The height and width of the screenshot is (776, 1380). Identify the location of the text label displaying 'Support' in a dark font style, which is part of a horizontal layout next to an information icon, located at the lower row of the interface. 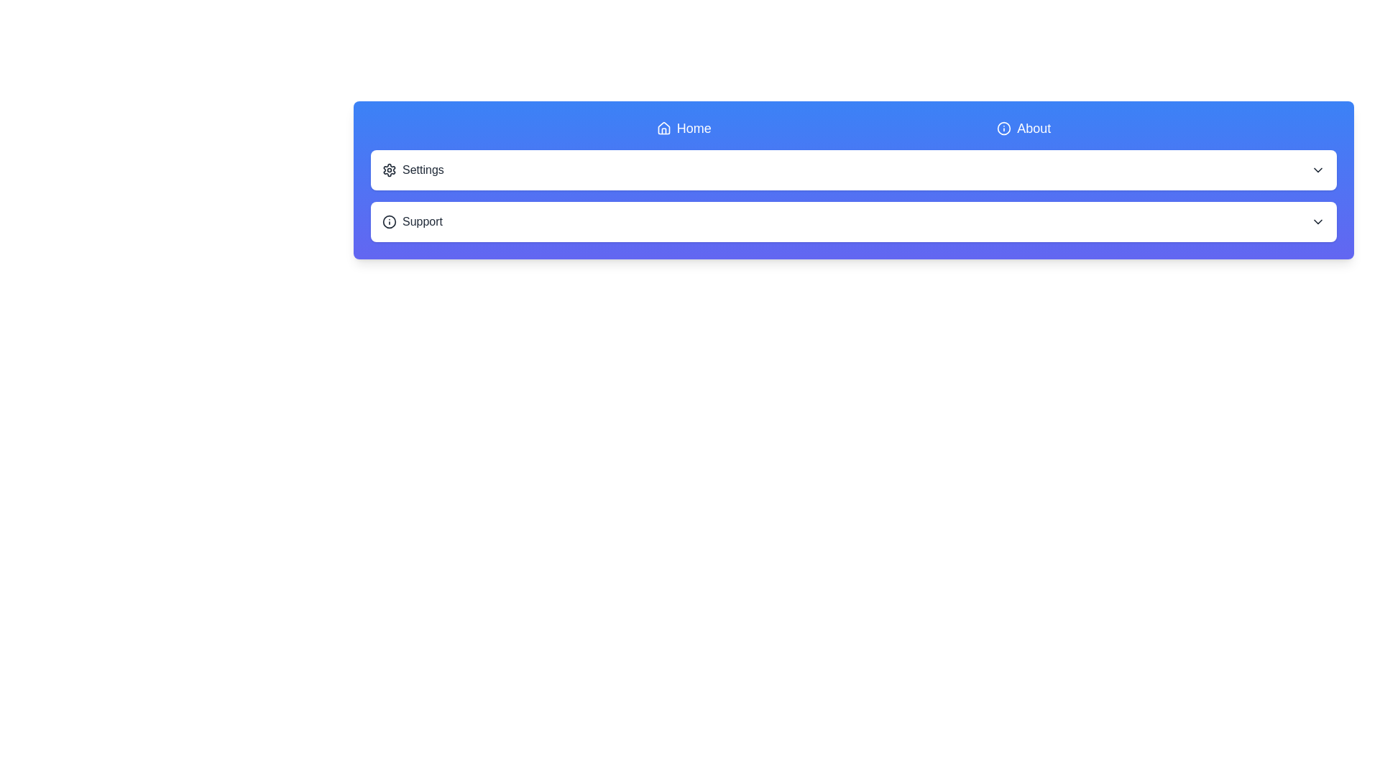
(422, 221).